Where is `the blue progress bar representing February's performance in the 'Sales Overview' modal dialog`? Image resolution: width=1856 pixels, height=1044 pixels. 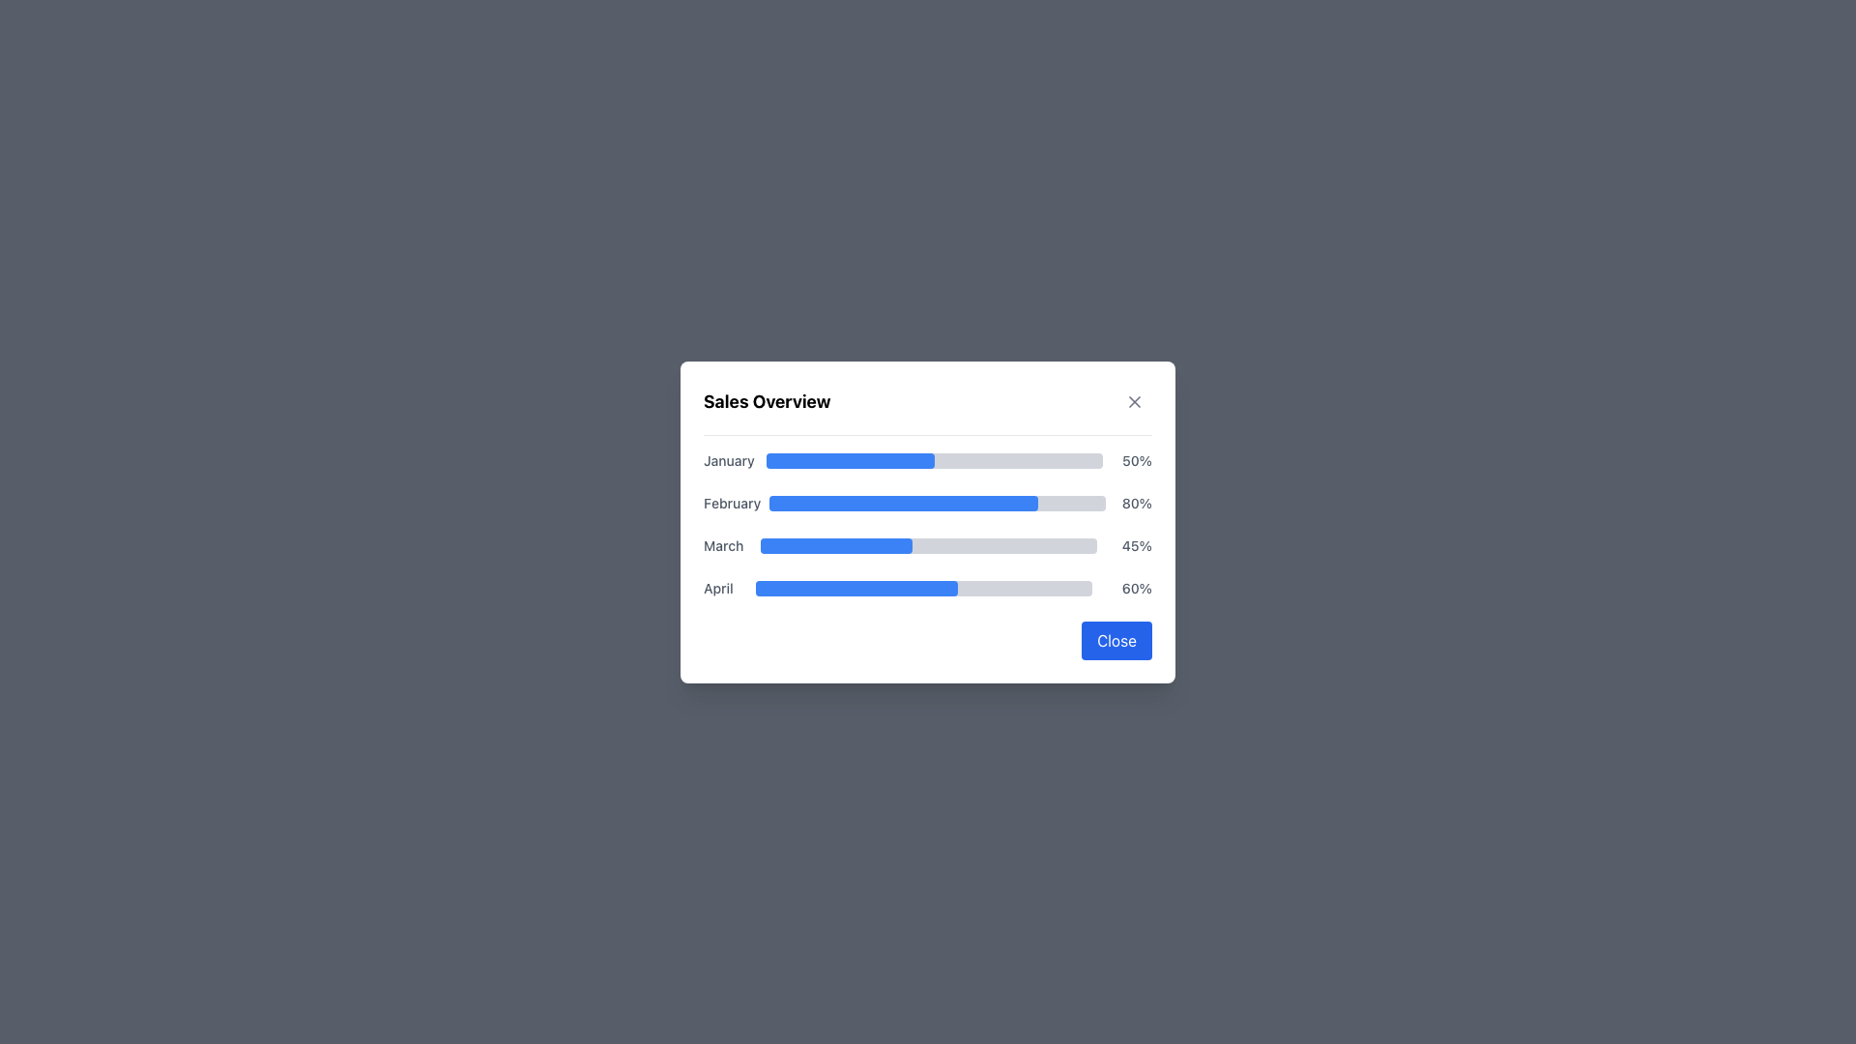 the blue progress bar representing February's performance in the 'Sales Overview' modal dialog is located at coordinates (903, 502).